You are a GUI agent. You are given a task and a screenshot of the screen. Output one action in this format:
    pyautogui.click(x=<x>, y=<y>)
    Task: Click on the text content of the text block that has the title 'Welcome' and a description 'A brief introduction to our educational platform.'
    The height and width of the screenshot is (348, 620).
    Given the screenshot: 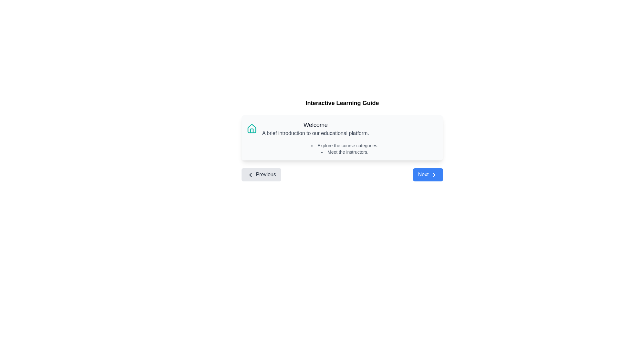 What is the action you would take?
    pyautogui.click(x=315, y=129)
    